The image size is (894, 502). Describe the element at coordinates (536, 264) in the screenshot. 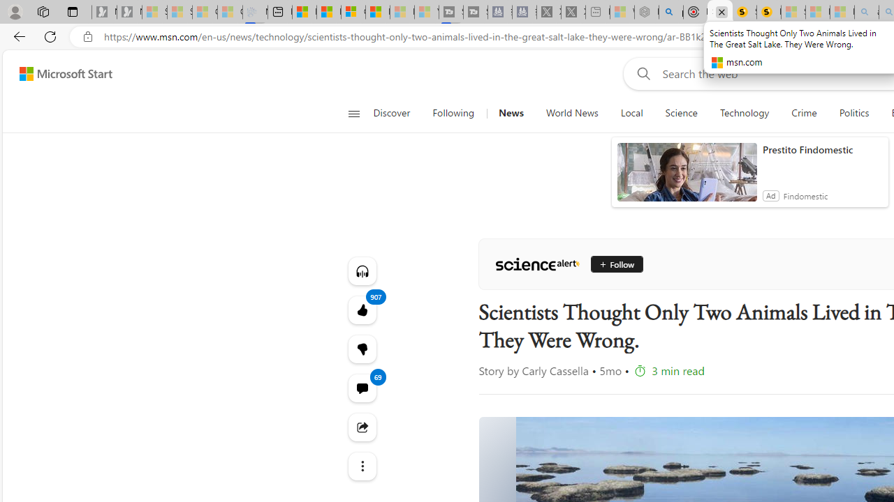

I see `'ScienceAlert'` at that location.